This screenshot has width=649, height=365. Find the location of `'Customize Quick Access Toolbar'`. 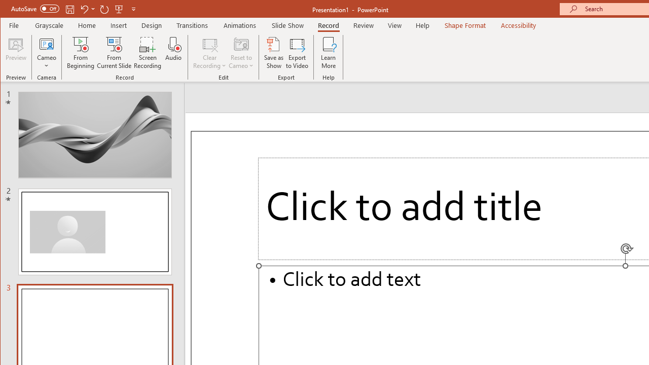

'Customize Quick Access Toolbar' is located at coordinates (133, 9).